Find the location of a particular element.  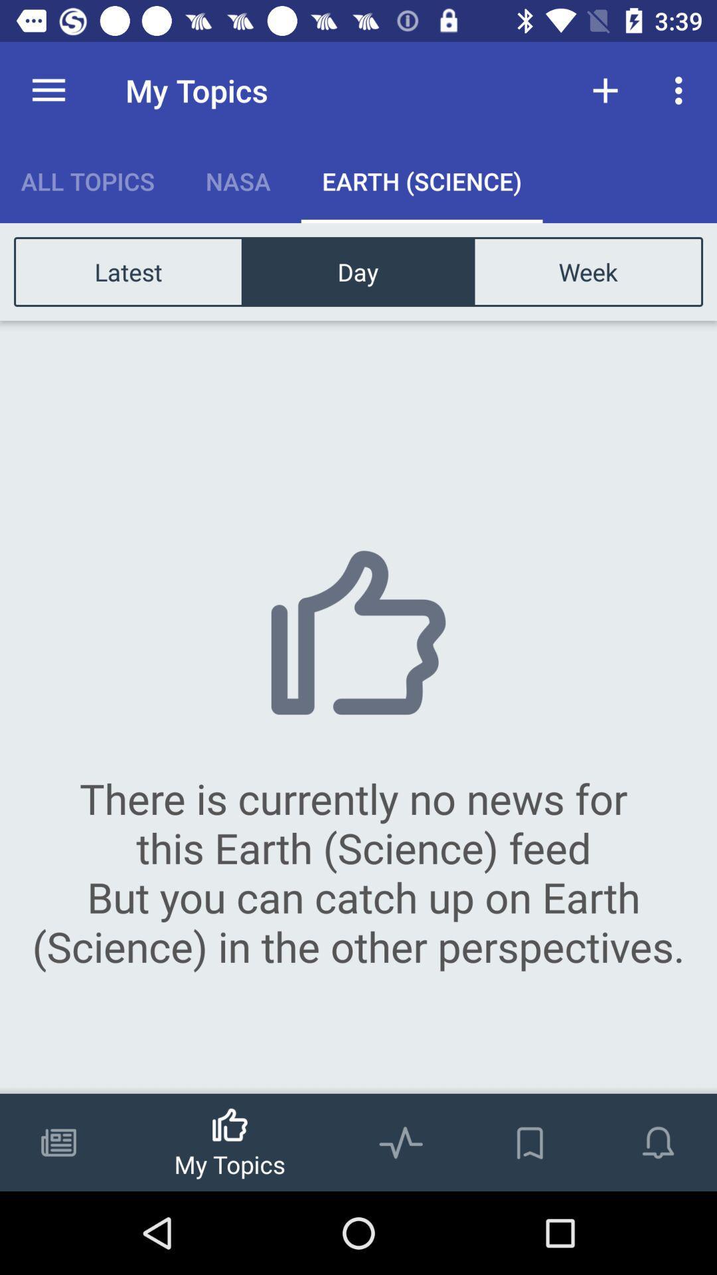

the item above the week is located at coordinates (605, 90).